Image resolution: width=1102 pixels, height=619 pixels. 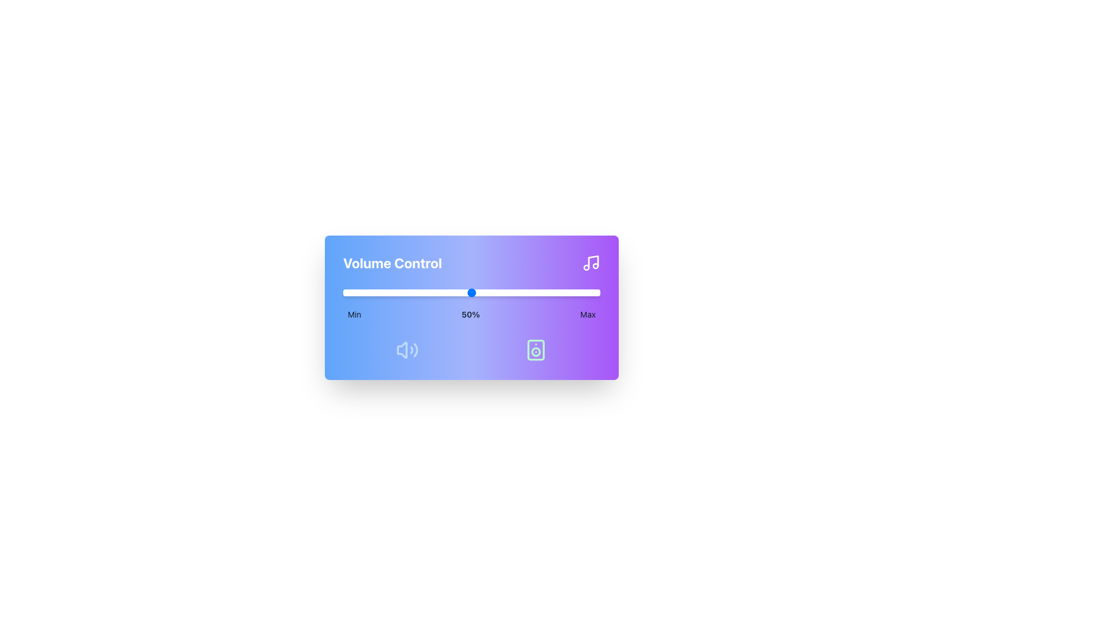 I want to click on the thick curved blue line forming the middle wave of the sound wave icon in the SVG graphic, positioned to the upper right of the speaker base, so click(x=412, y=349).